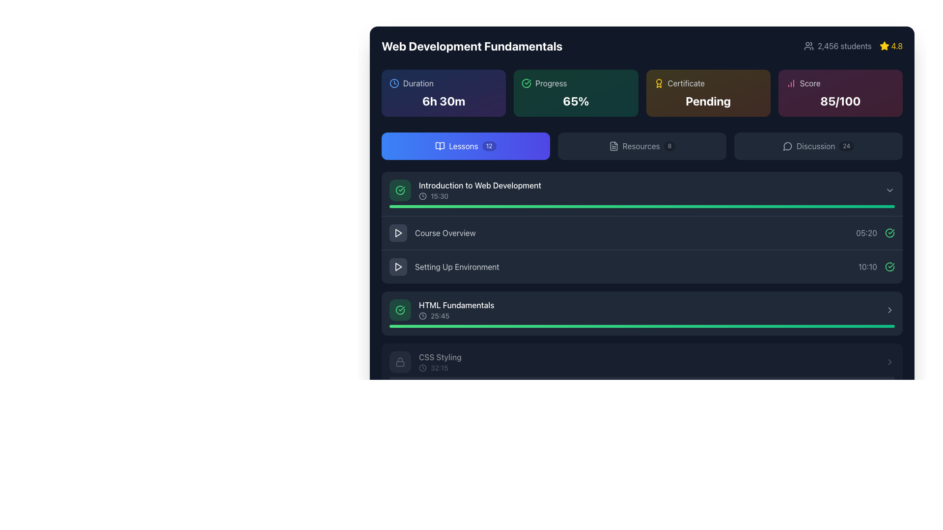  What do you see at coordinates (489, 146) in the screenshot?
I see `the small, rounded rectangular badge displaying the text '12' with a semi-transparent black background, located on the right-hand side of the 'Lessons' button` at bounding box center [489, 146].